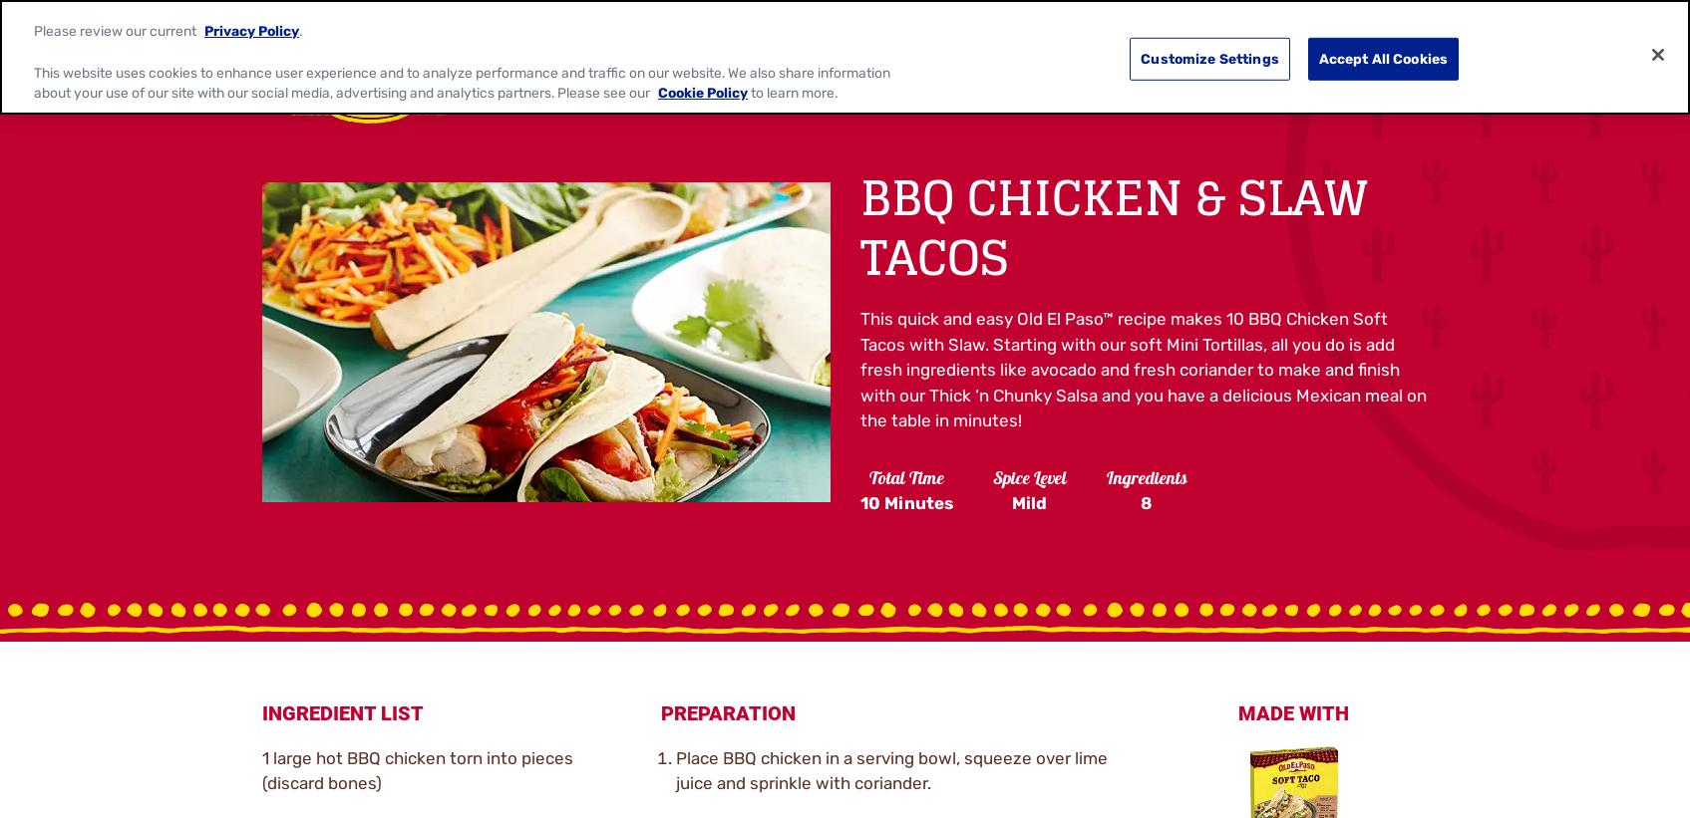 The width and height of the screenshot is (1690, 818). Describe the element at coordinates (904, 502) in the screenshot. I see `'10 Minutes'` at that location.